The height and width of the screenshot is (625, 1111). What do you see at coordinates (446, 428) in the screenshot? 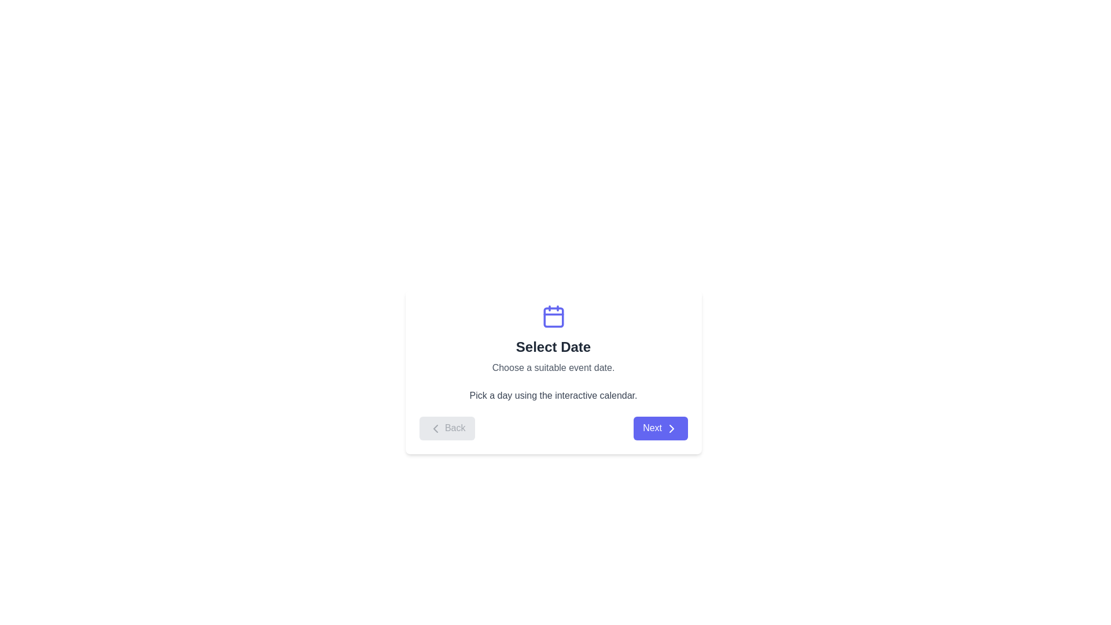
I see `the 'Back' button to navigate to the previous step` at bounding box center [446, 428].